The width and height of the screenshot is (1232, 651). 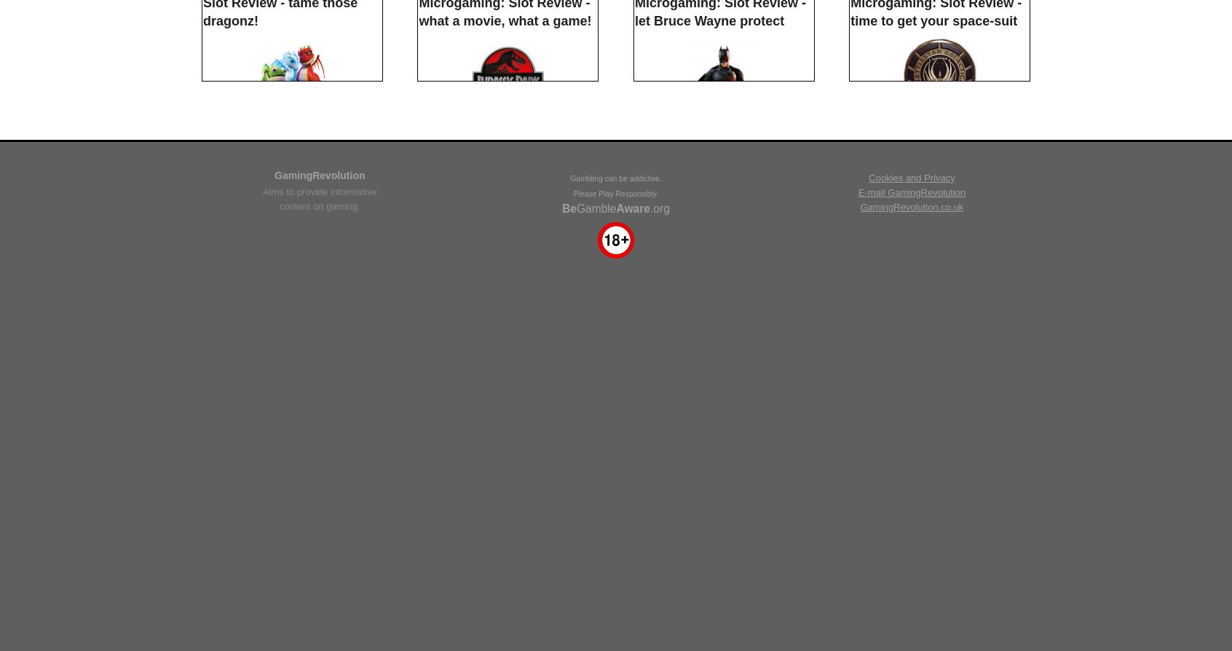 What do you see at coordinates (569, 572) in the screenshot?
I see `'Be'` at bounding box center [569, 572].